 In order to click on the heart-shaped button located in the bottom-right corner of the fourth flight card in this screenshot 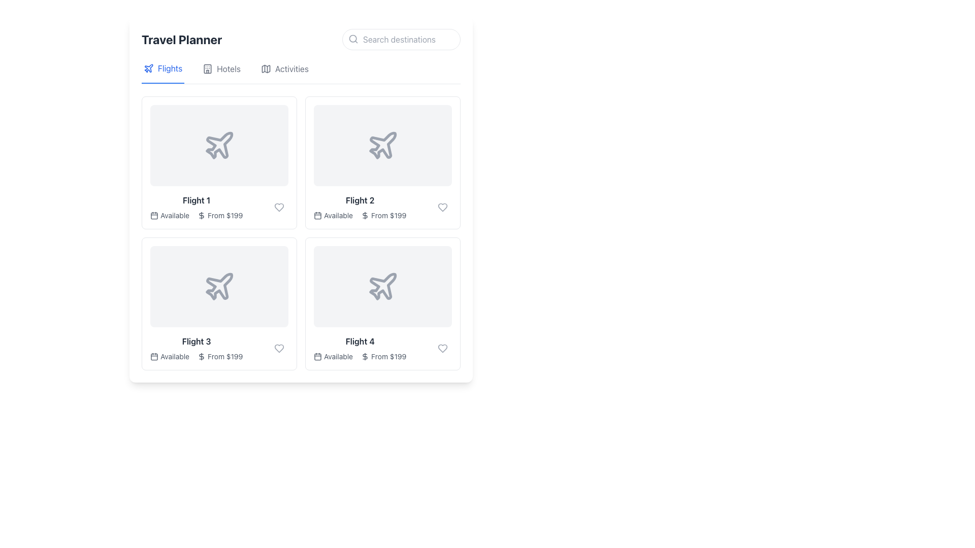, I will do `click(443, 348)`.